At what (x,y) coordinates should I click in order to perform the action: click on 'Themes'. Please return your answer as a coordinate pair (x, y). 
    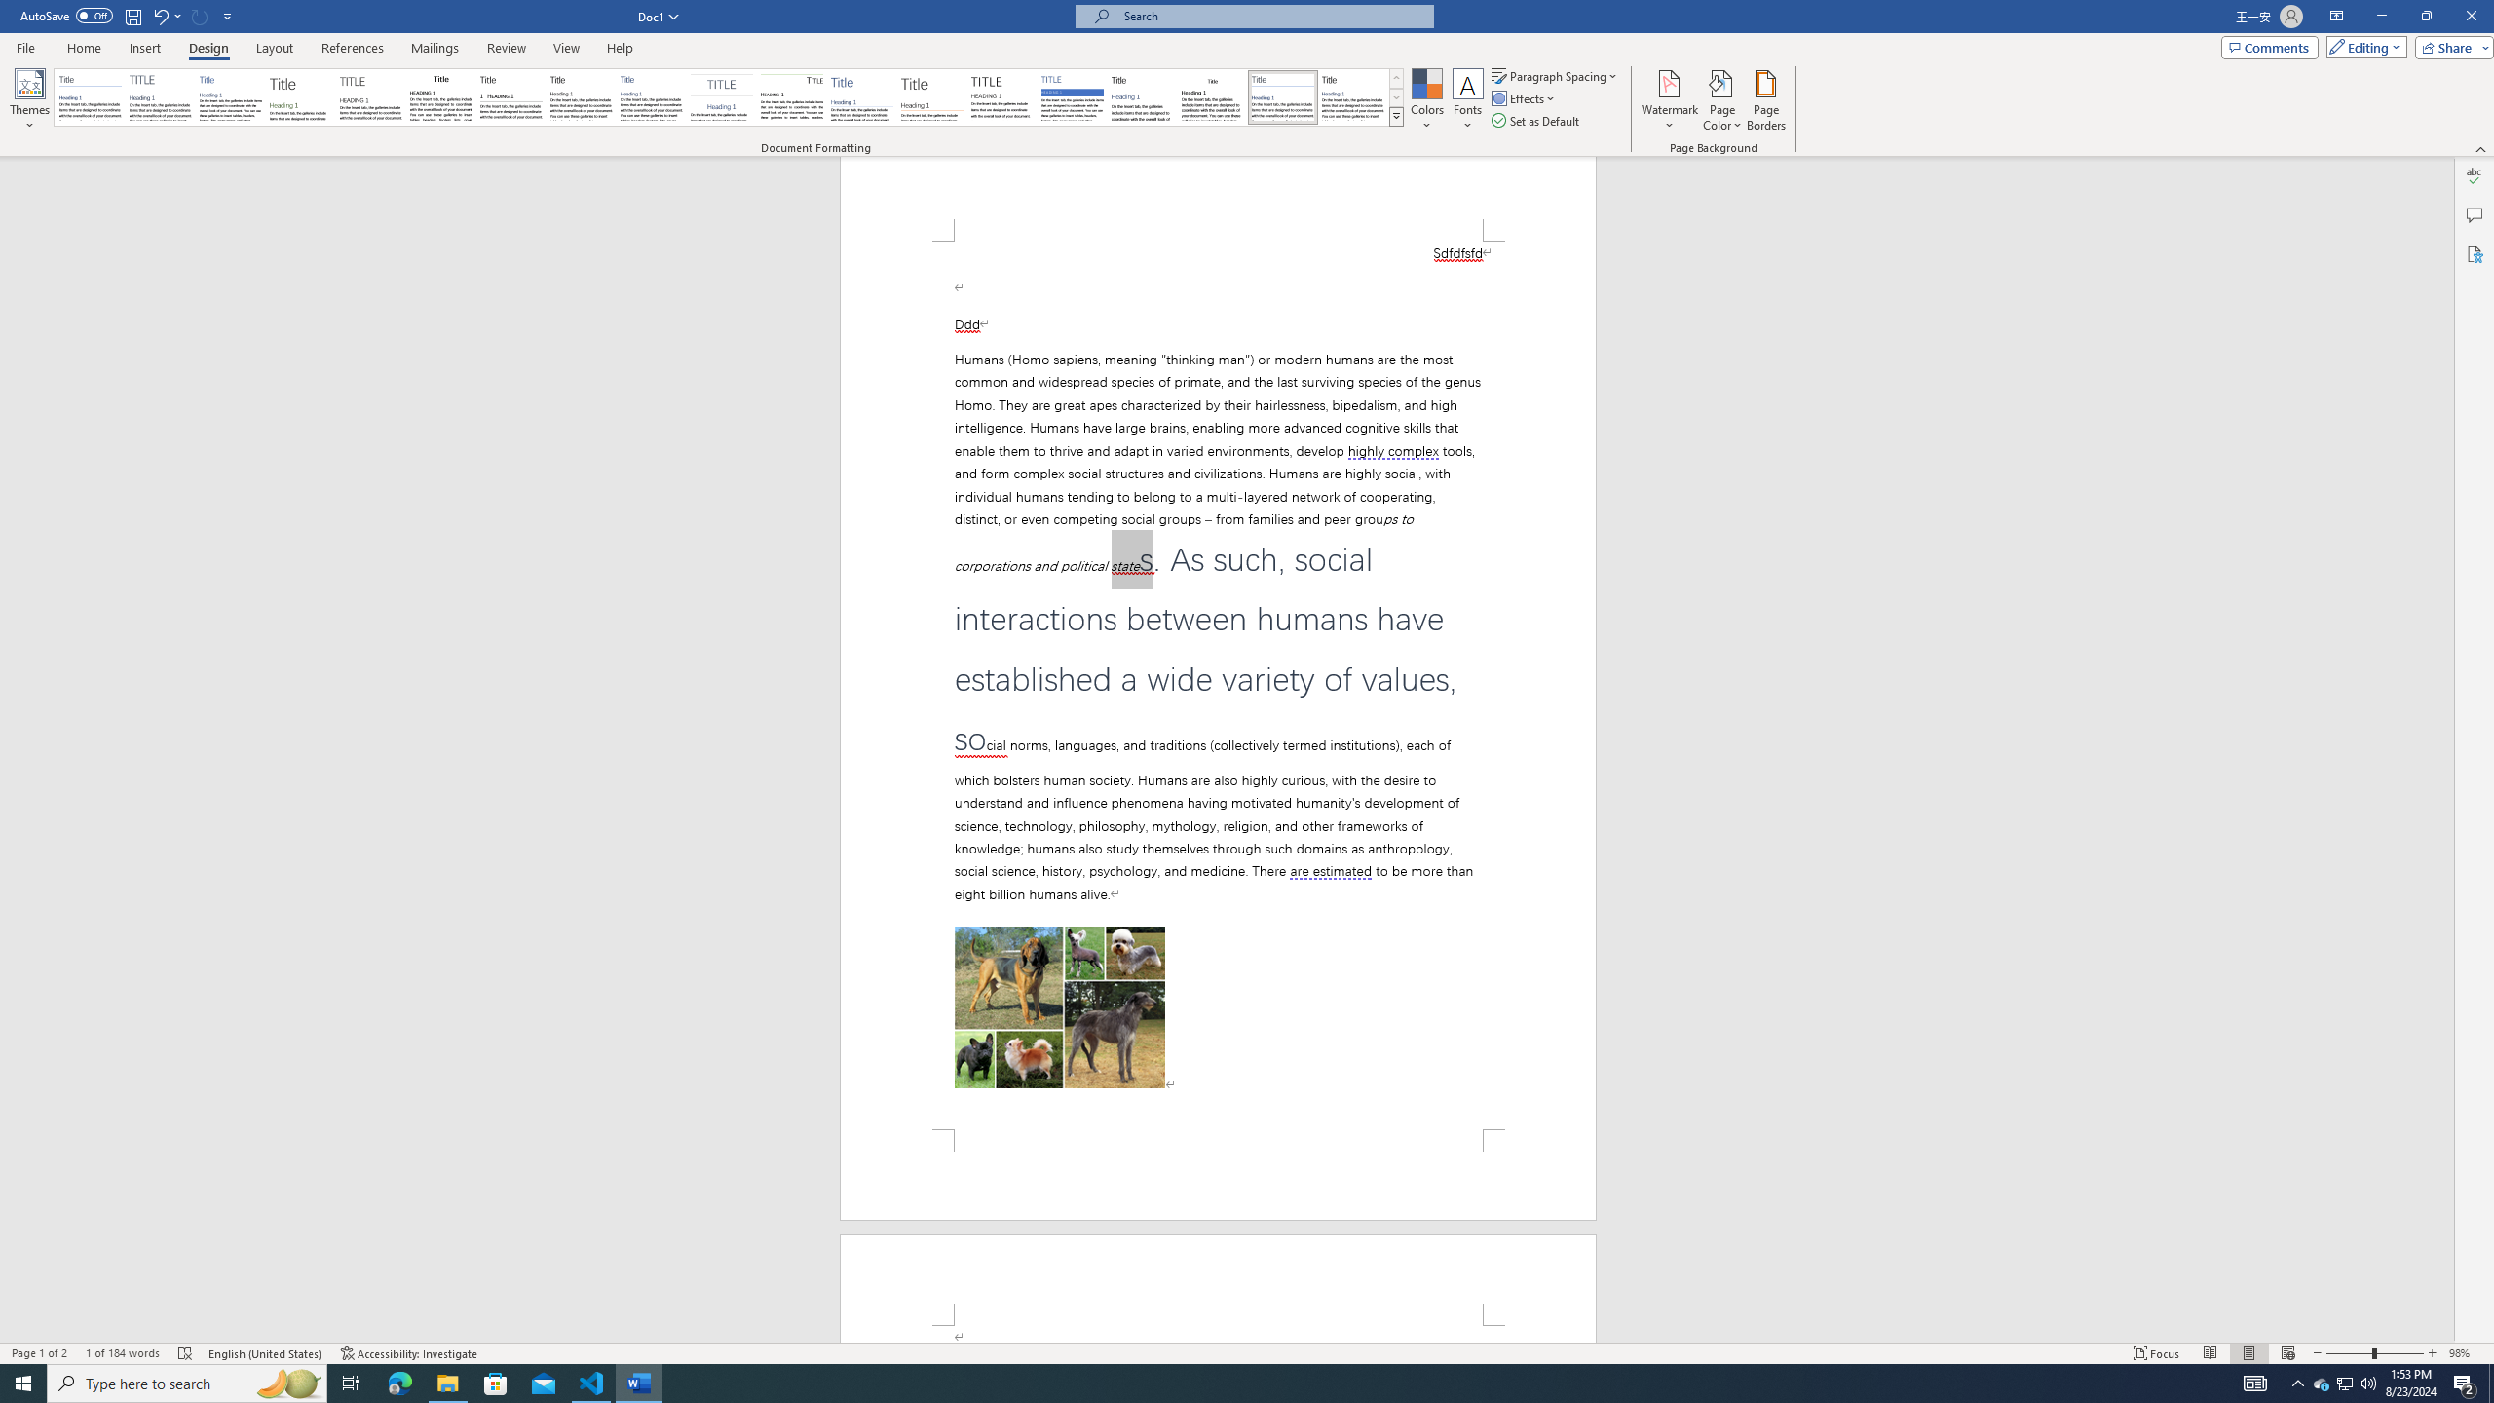
    Looking at the image, I should click on (28, 100).